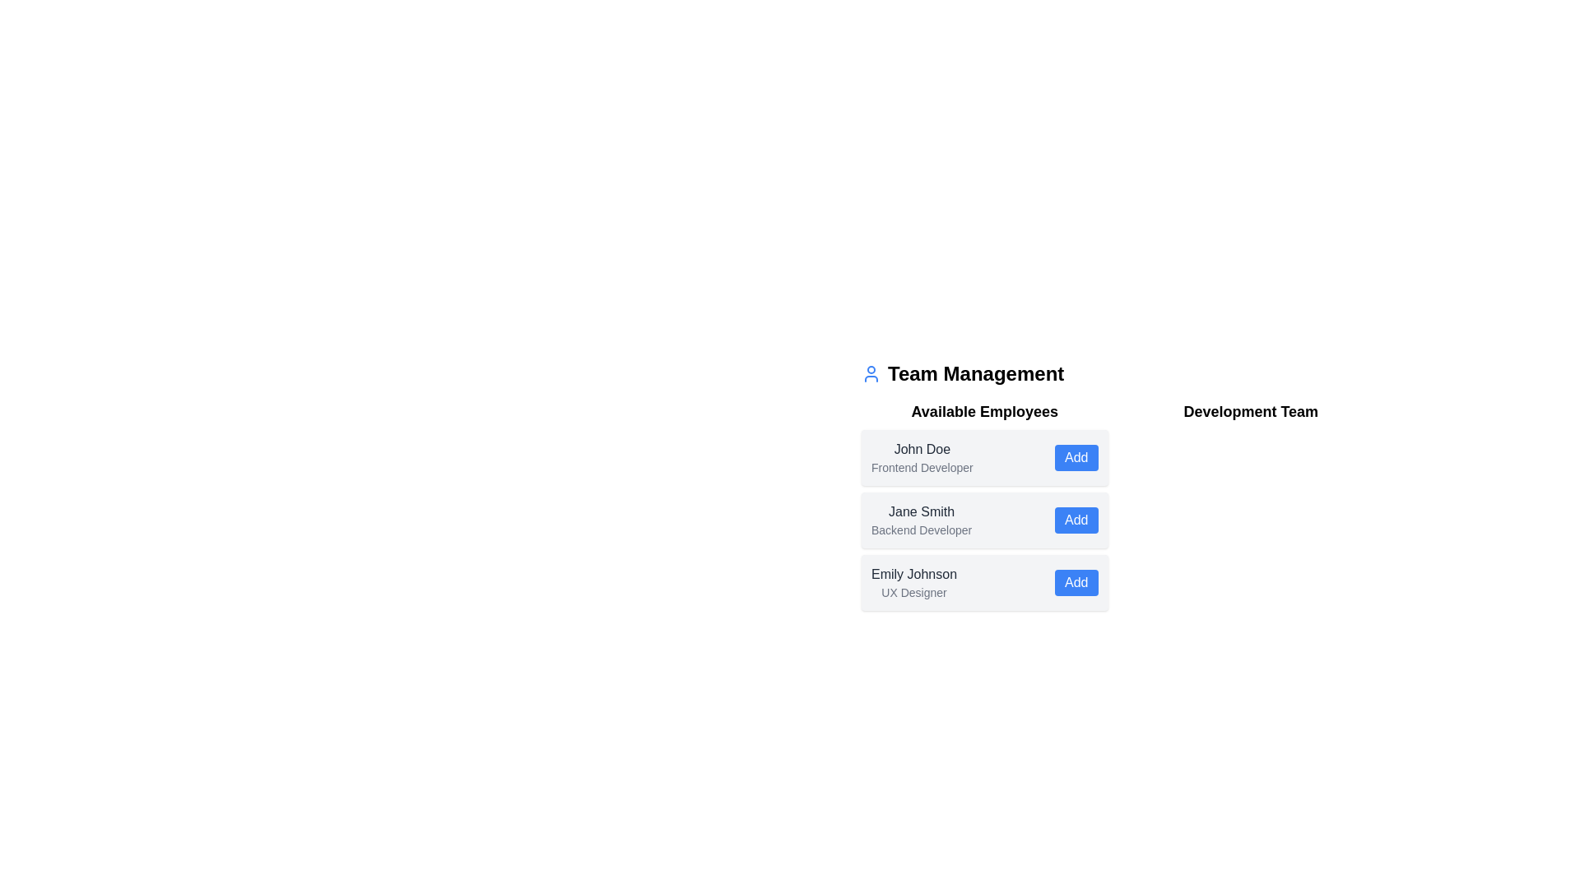  What do you see at coordinates (1076, 457) in the screenshot?
I see `the 'Add' button with a blue background and white text located within the card of 'John Doe'` at bounding box center [1076, 457].